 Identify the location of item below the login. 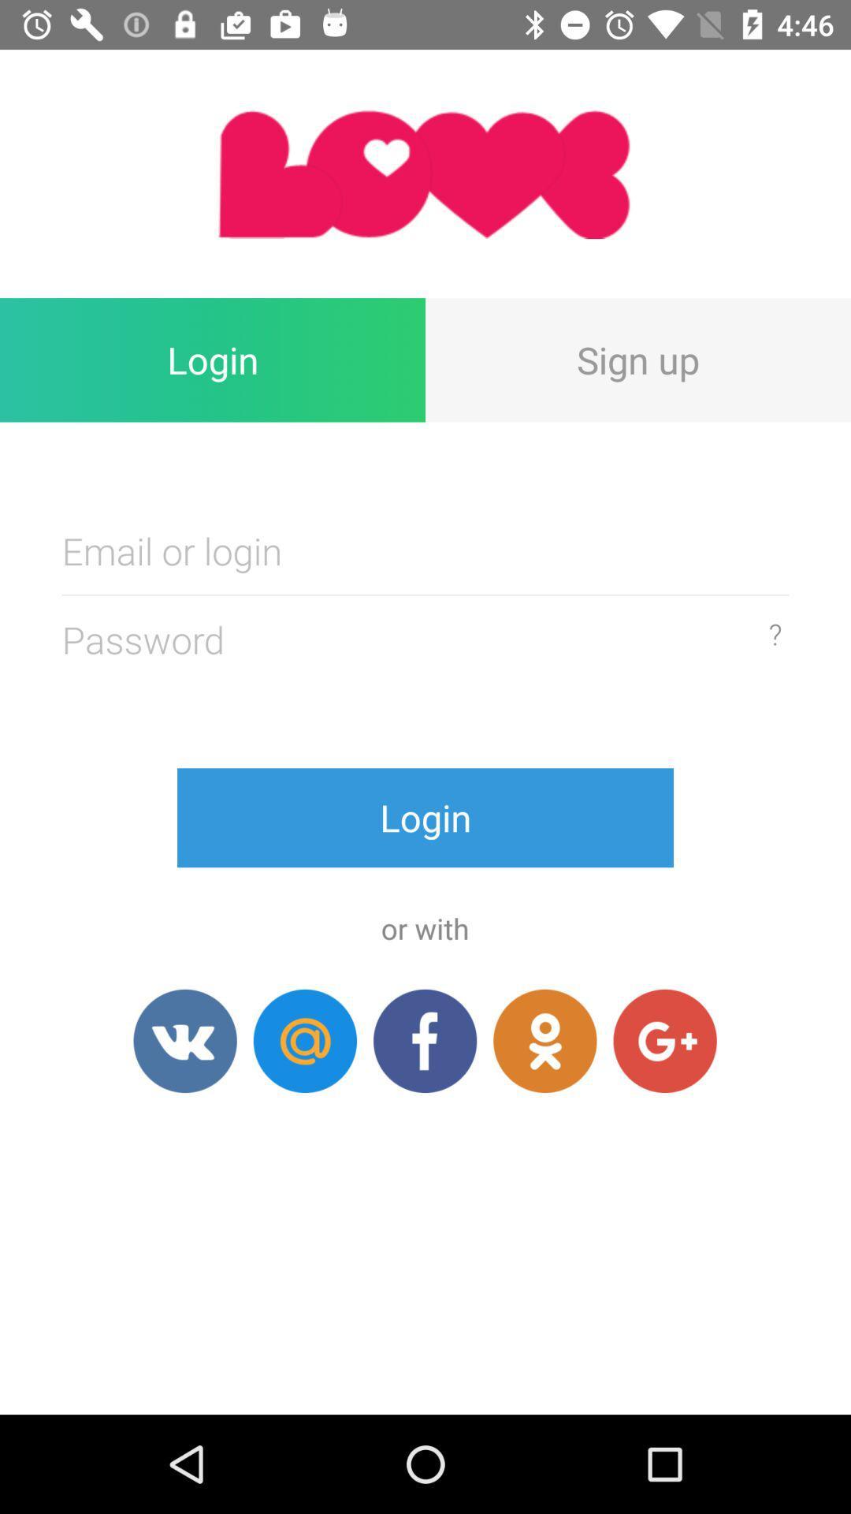
(665, 1041).